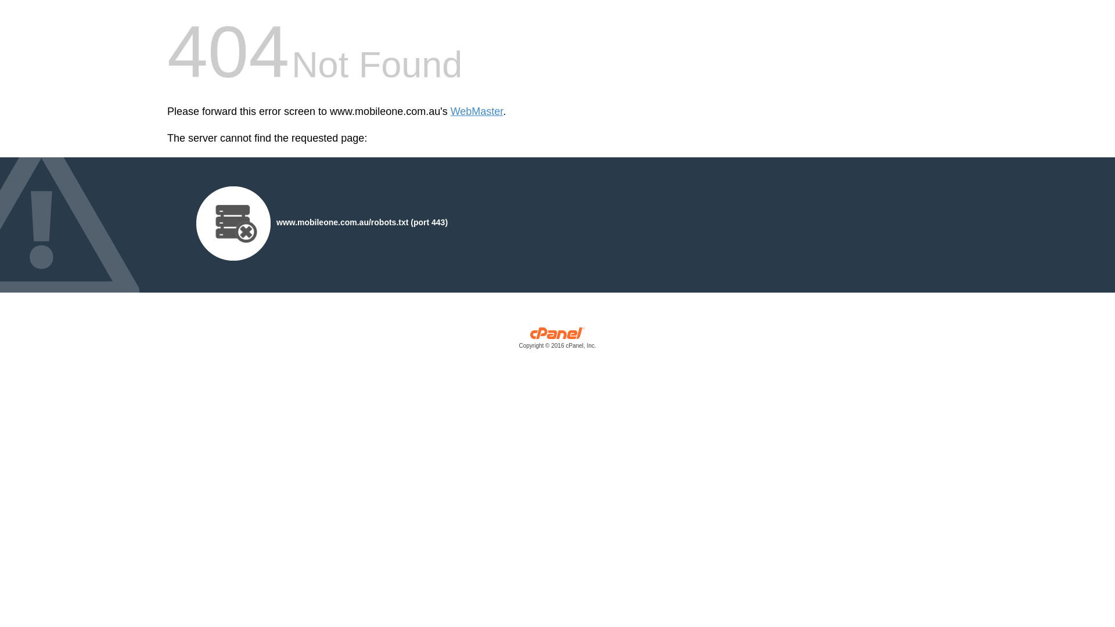  I want to click on 'WebMaster', so click(477, 111).